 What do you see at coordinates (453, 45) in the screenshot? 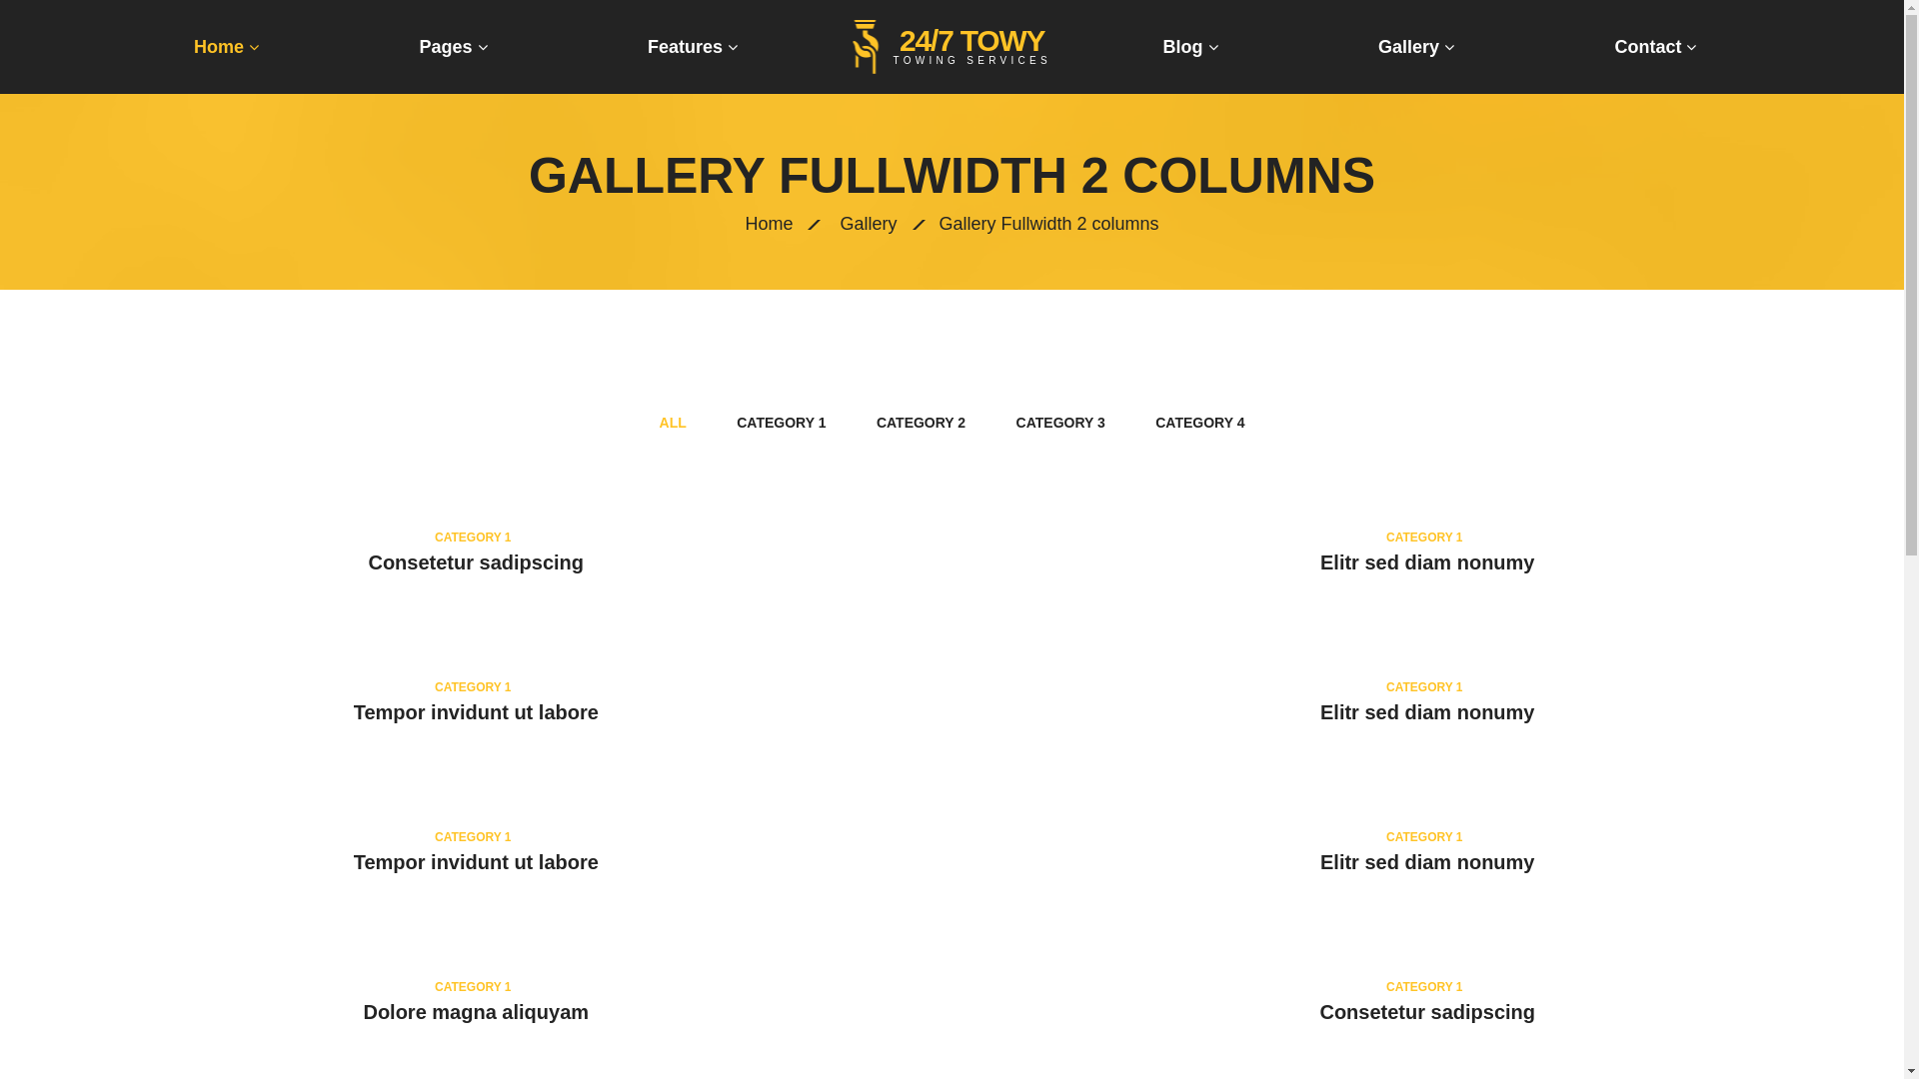
I see `'Pages'` at bounding box center [453, 45].